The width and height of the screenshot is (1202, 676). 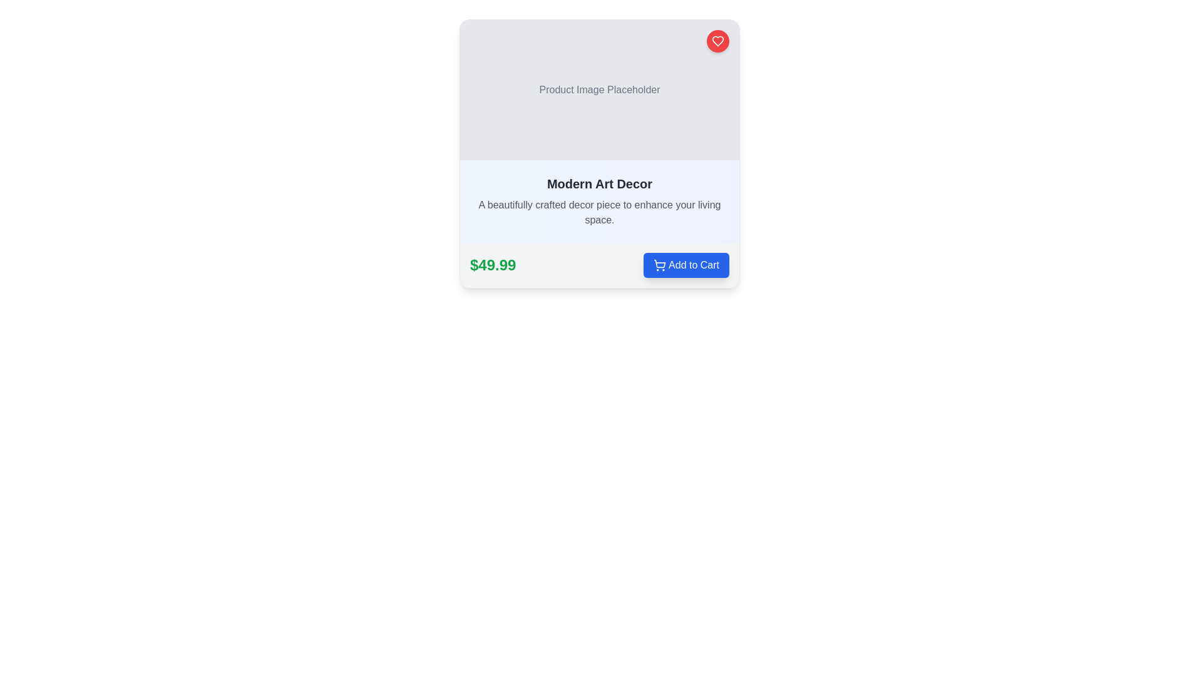 What do you see at coordinates (659, 263) in the screenshot?
I see `the shopping cart icon element which is part of the SVG vector graphic in the bottom-right corner of the card layout, adjacent to the 'Add to Cart' button` at bounding box center [659, 263].